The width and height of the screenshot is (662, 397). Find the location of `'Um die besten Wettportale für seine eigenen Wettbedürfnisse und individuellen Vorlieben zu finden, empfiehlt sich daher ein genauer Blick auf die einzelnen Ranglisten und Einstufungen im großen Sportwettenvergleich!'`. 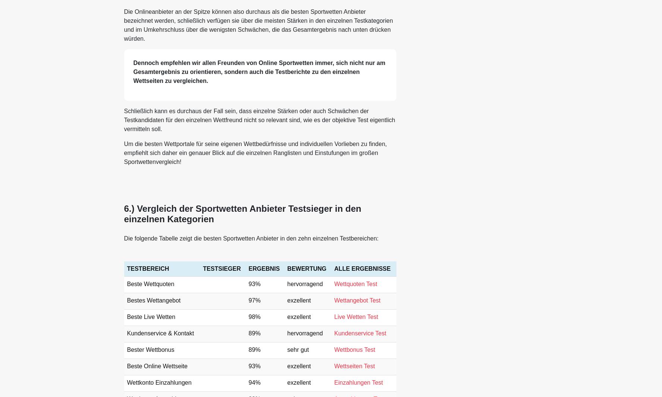

'Um die besten Wettportale für seine eigenen Wettbedürfnisse und individuellen Vorlieben zu finden, empfiehlt sich daher ein genauer Blick auf die einzelnen Ranglisten und Einstufungen im großen Sportwettenvergleich!' is located at coordinates (123, 152).